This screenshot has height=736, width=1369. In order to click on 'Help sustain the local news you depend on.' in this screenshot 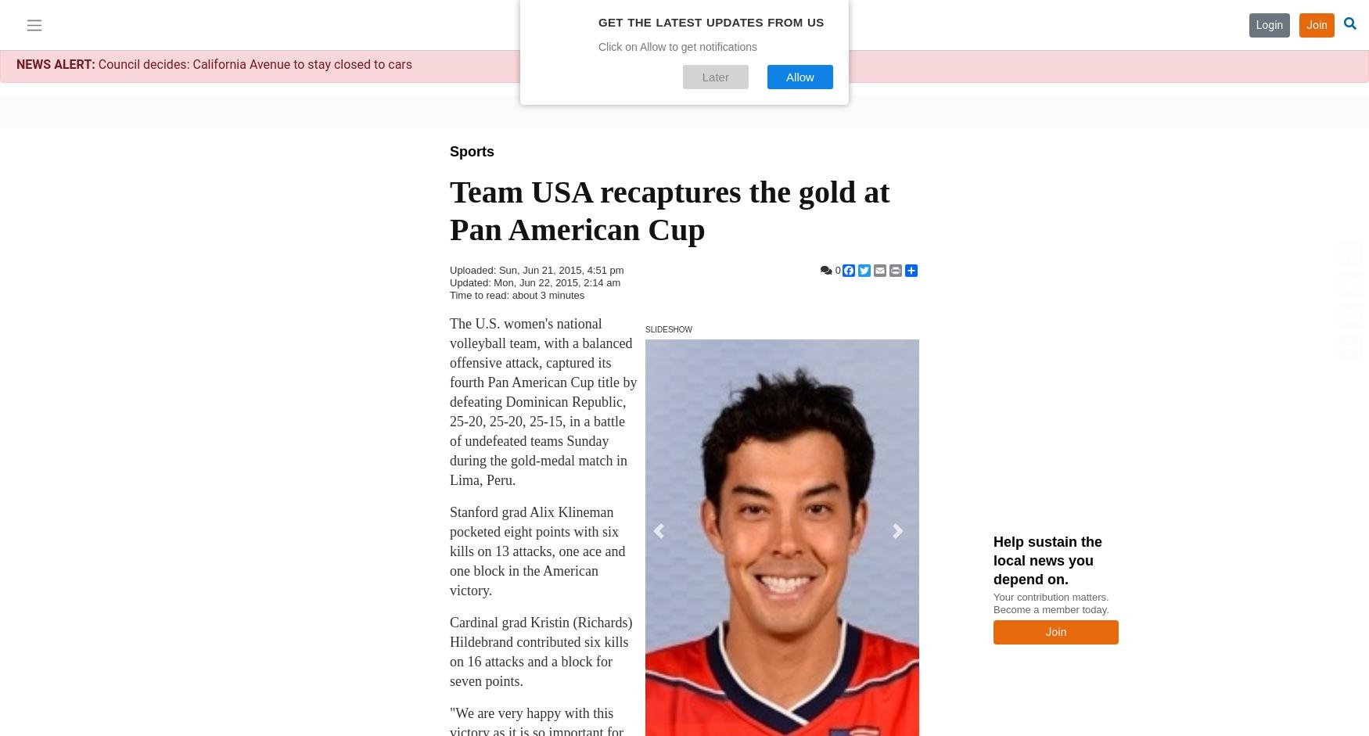, I will do `click(1047, 560)`.